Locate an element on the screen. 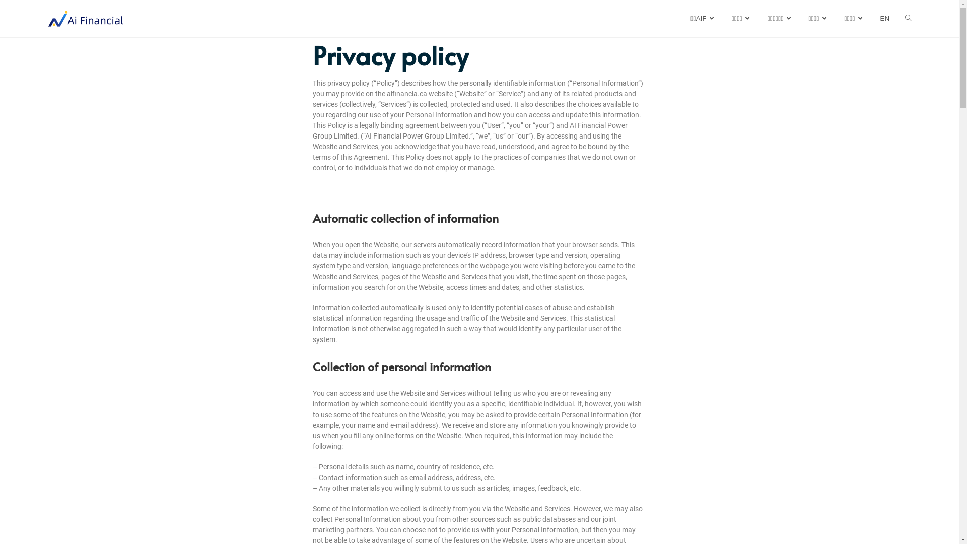 The height and width of the screenshot is (544, 967). 'EN' is located at coordinates (884, 19).